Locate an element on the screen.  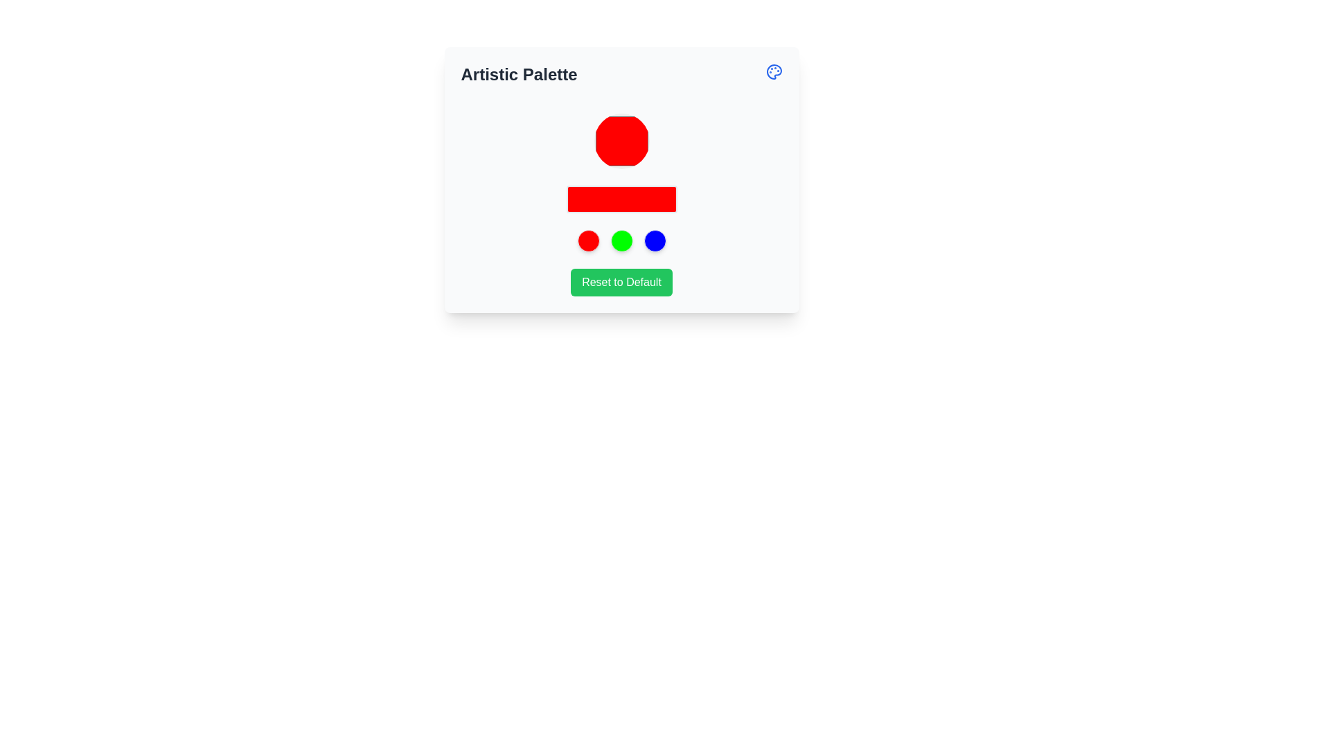
textual header that says 'Artistic Palette', which is styled with a large, bold font in dark gray color, located at the top-left section of the card-like area is located at coordinates (518, 75).